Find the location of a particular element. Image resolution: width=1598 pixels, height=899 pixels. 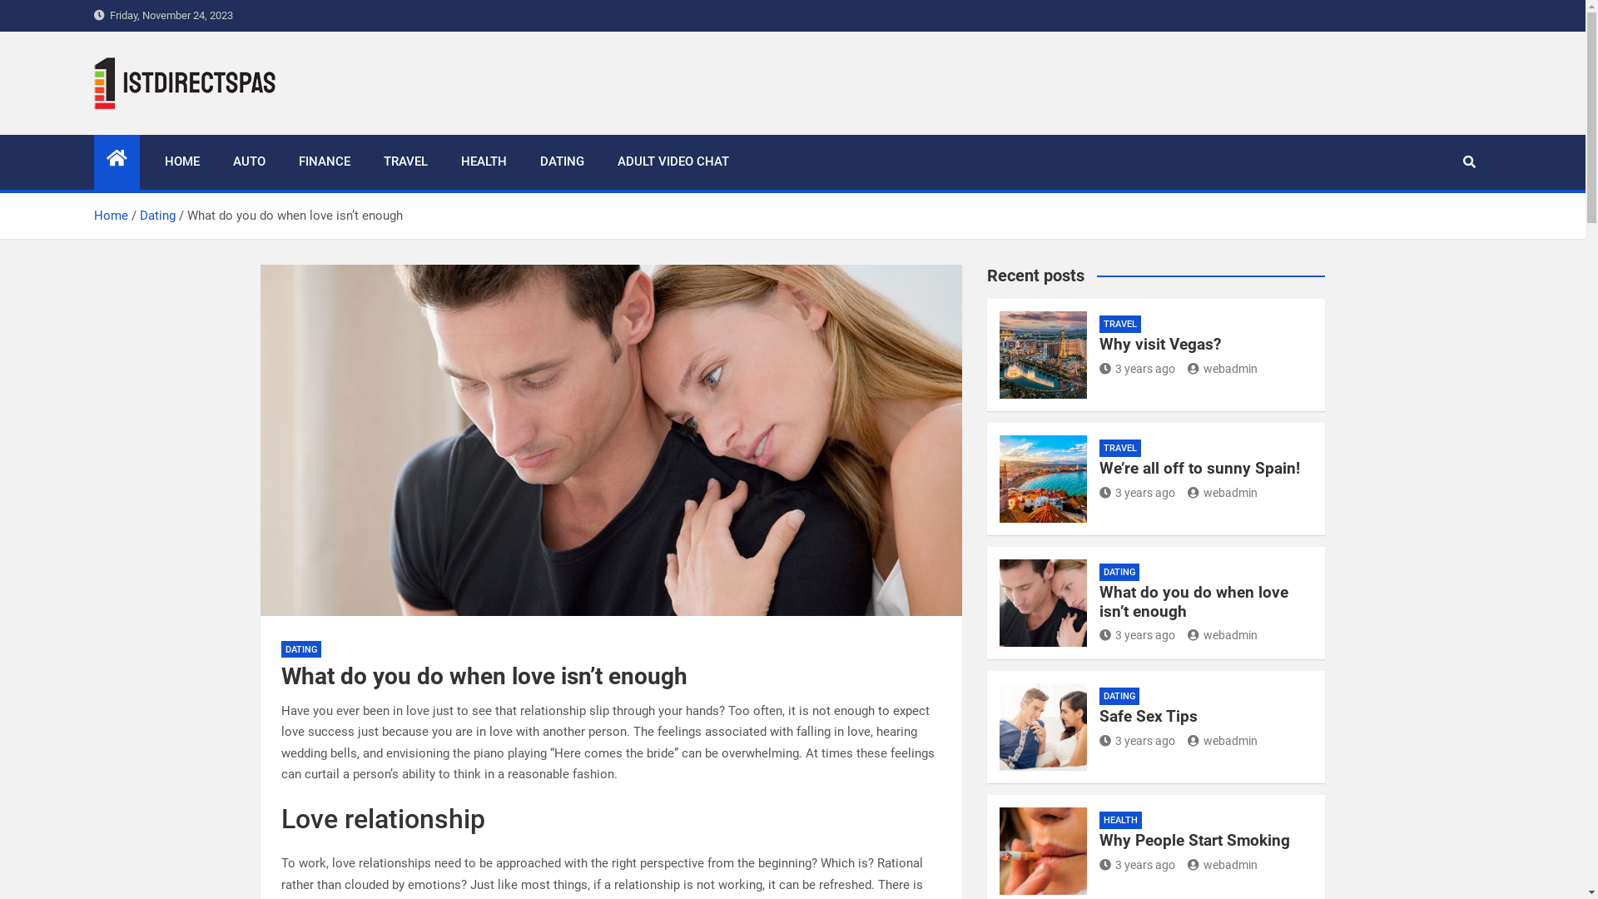

'ADULT VIDEO CHAT' is located at coordinates (673, 162).